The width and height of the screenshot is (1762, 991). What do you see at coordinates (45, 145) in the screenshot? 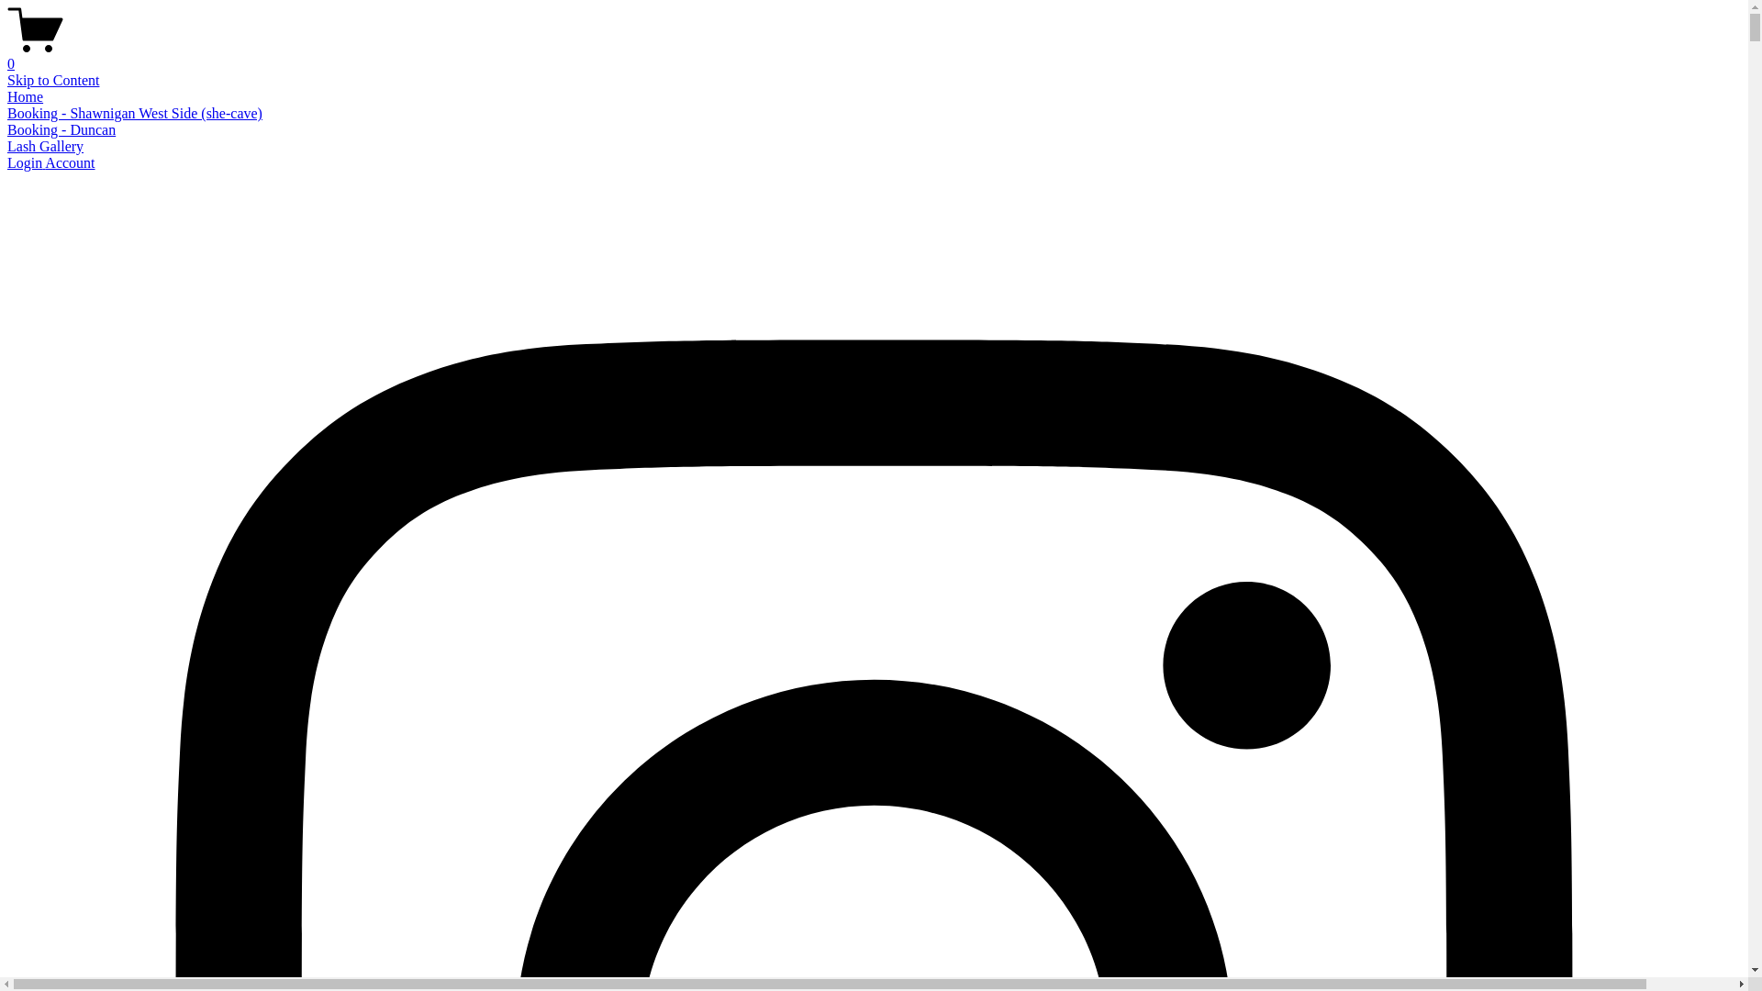
I see `'Lash Gallery'` at bounding box center [45, 145].